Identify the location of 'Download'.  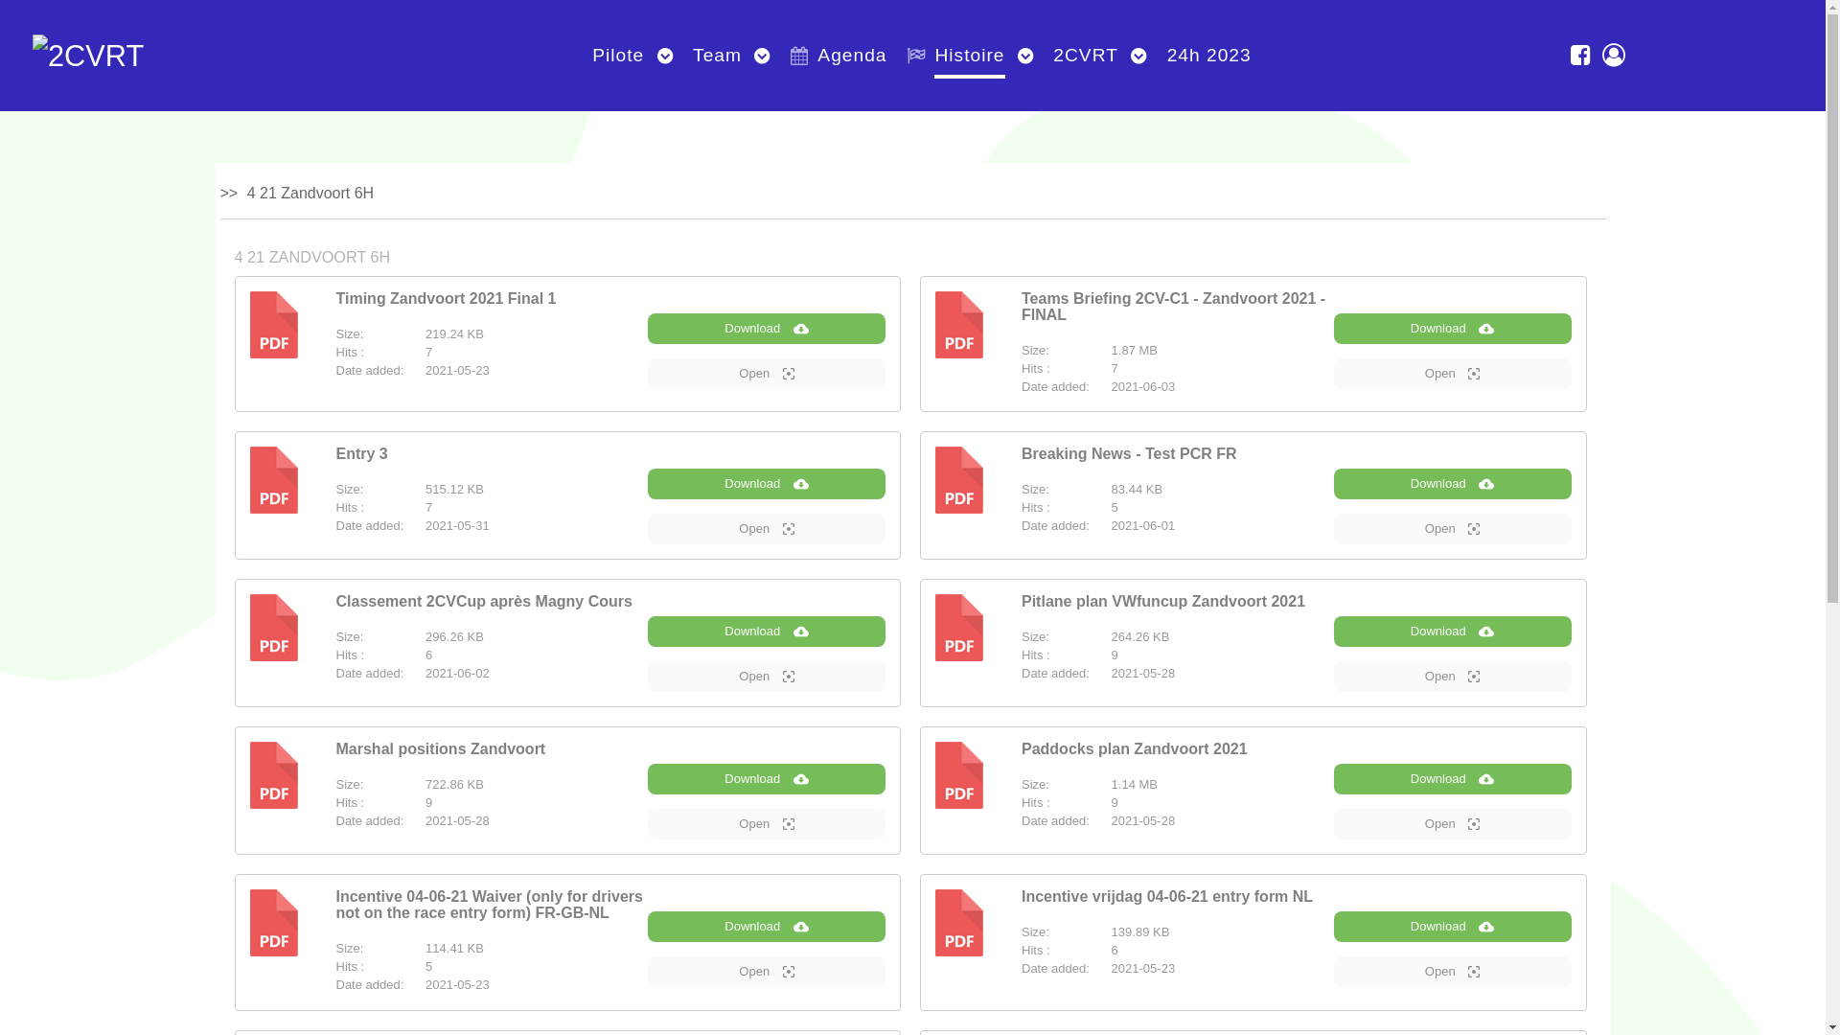
(767, 328).